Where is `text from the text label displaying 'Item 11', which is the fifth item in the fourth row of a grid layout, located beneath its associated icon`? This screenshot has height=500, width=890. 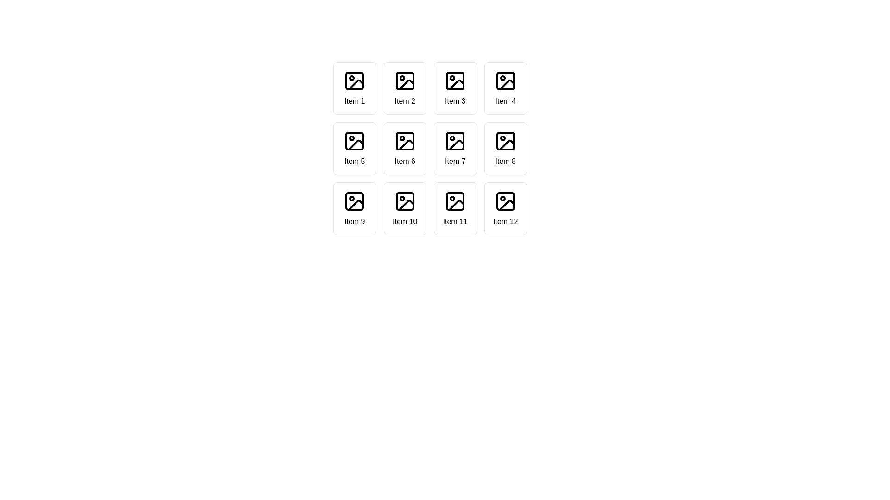
text from the text label displaying 'Item 11', which is the fifth item in the fourth row of a grid layout, located beneath its associated icon is located at coordinates (455, 221).